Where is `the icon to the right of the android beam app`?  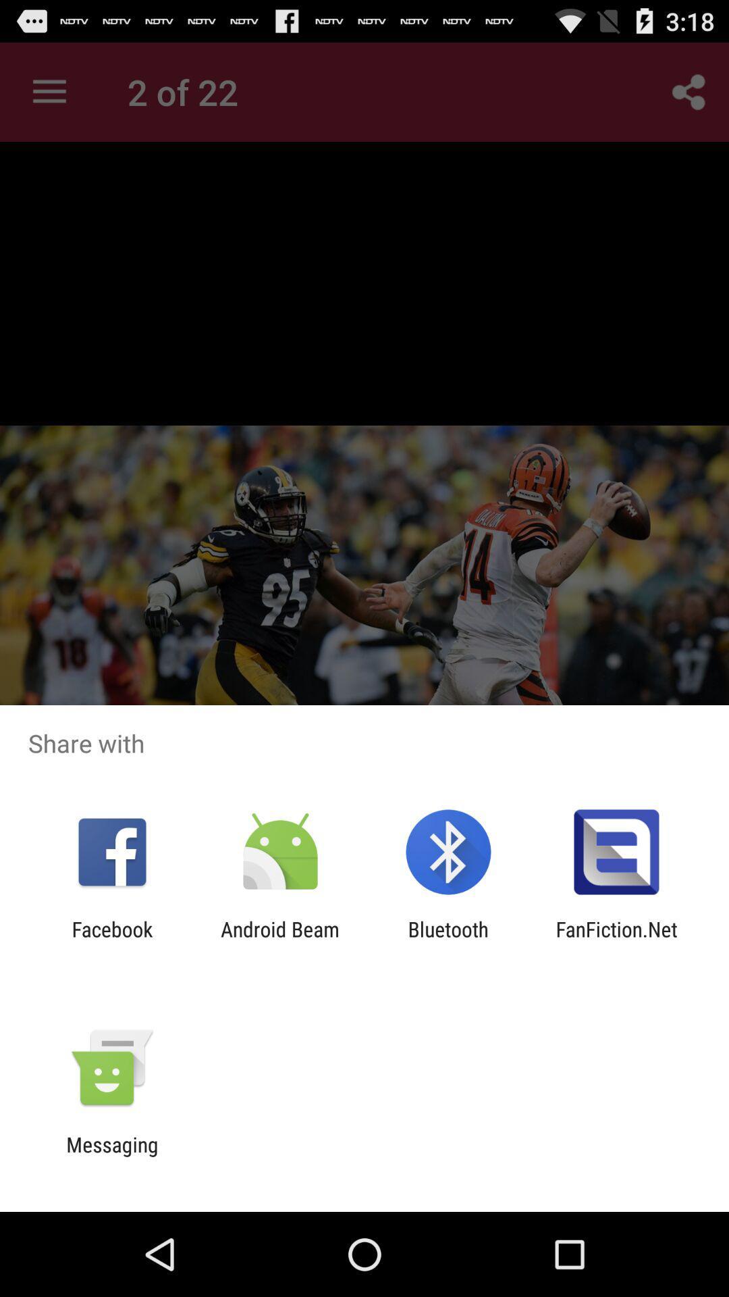 the icon to the right of the android beam app is located at coordinates (448, 940).